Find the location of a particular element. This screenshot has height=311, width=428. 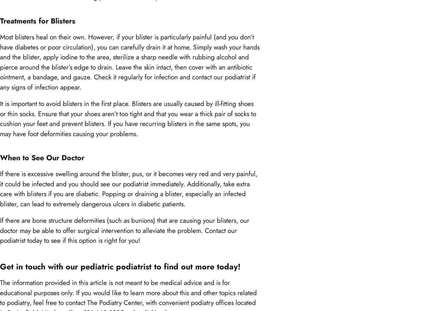

'6120 Brandon Ave Suite 109,' is located at coordinates (0, 76).